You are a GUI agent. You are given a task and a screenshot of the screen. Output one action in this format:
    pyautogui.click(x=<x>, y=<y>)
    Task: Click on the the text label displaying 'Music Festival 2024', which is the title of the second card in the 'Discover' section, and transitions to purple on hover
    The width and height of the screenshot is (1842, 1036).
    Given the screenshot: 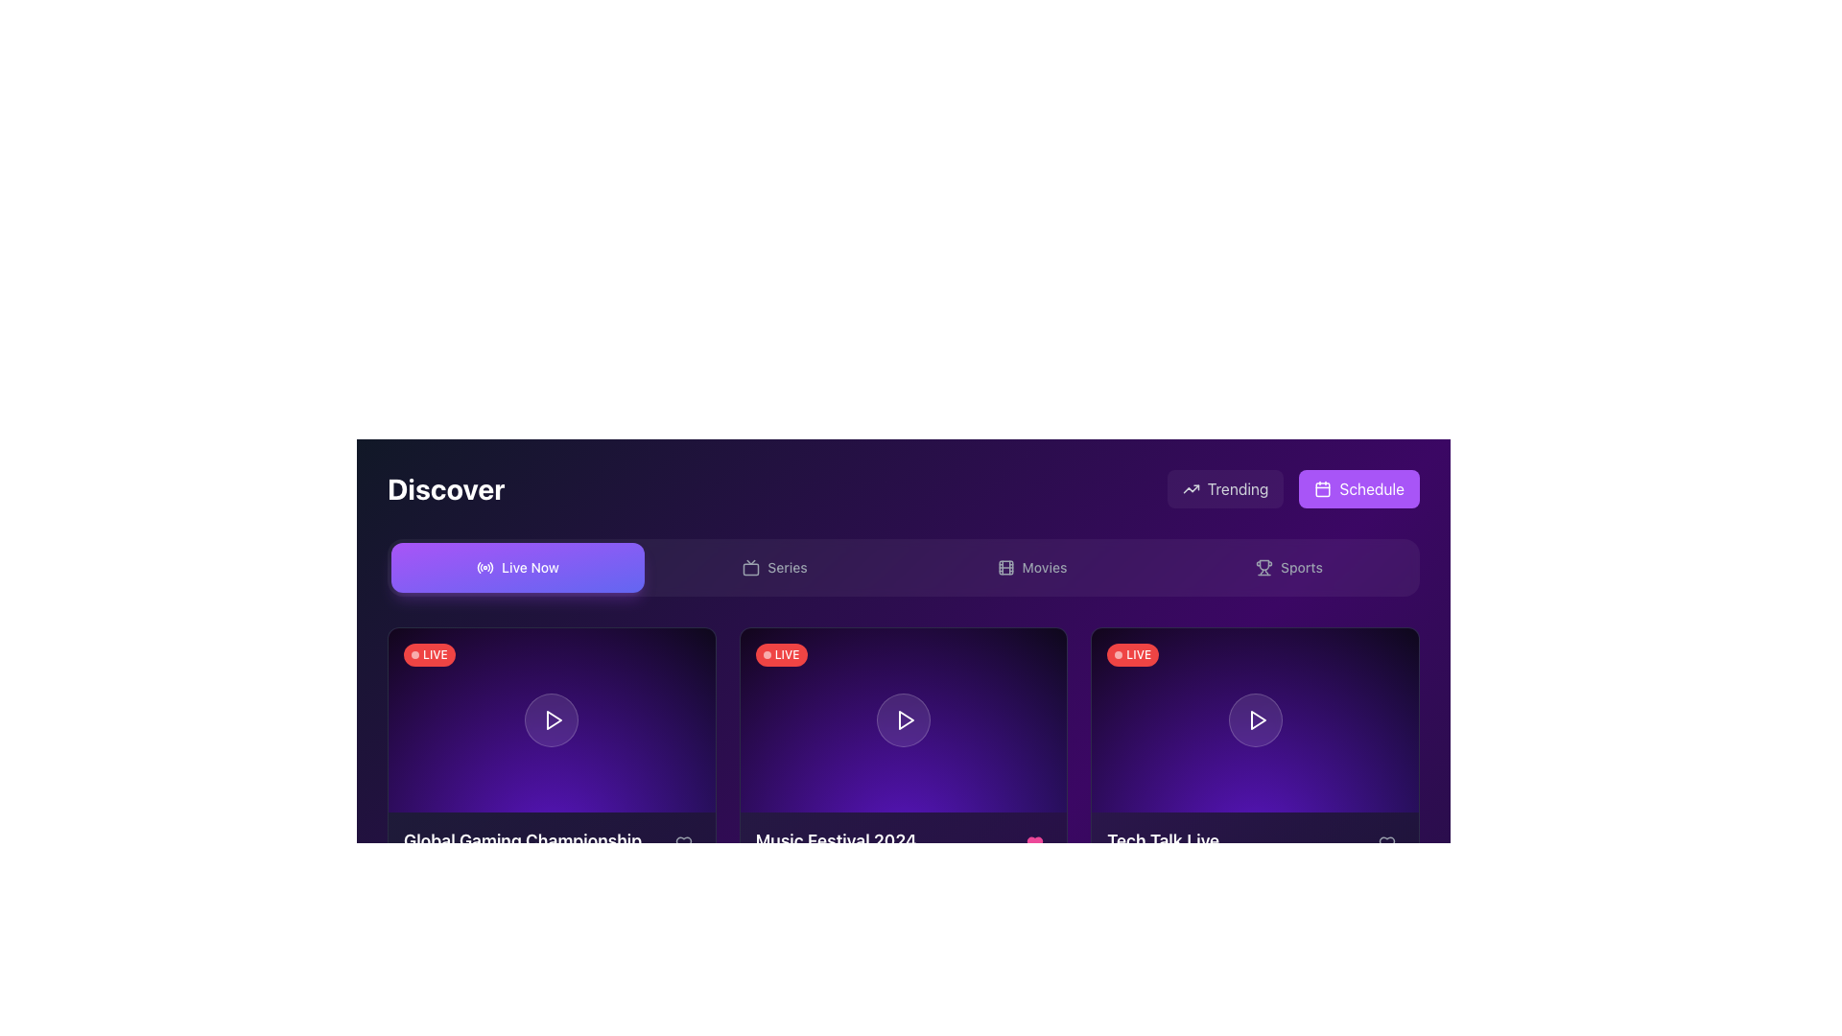 What is the action you would take?
    pyautogui.click(x=836, y=839)
    